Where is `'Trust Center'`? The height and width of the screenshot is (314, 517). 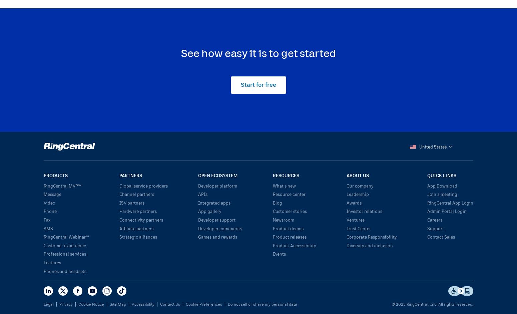 'Trust Center' is located at coordinates (359, 228).